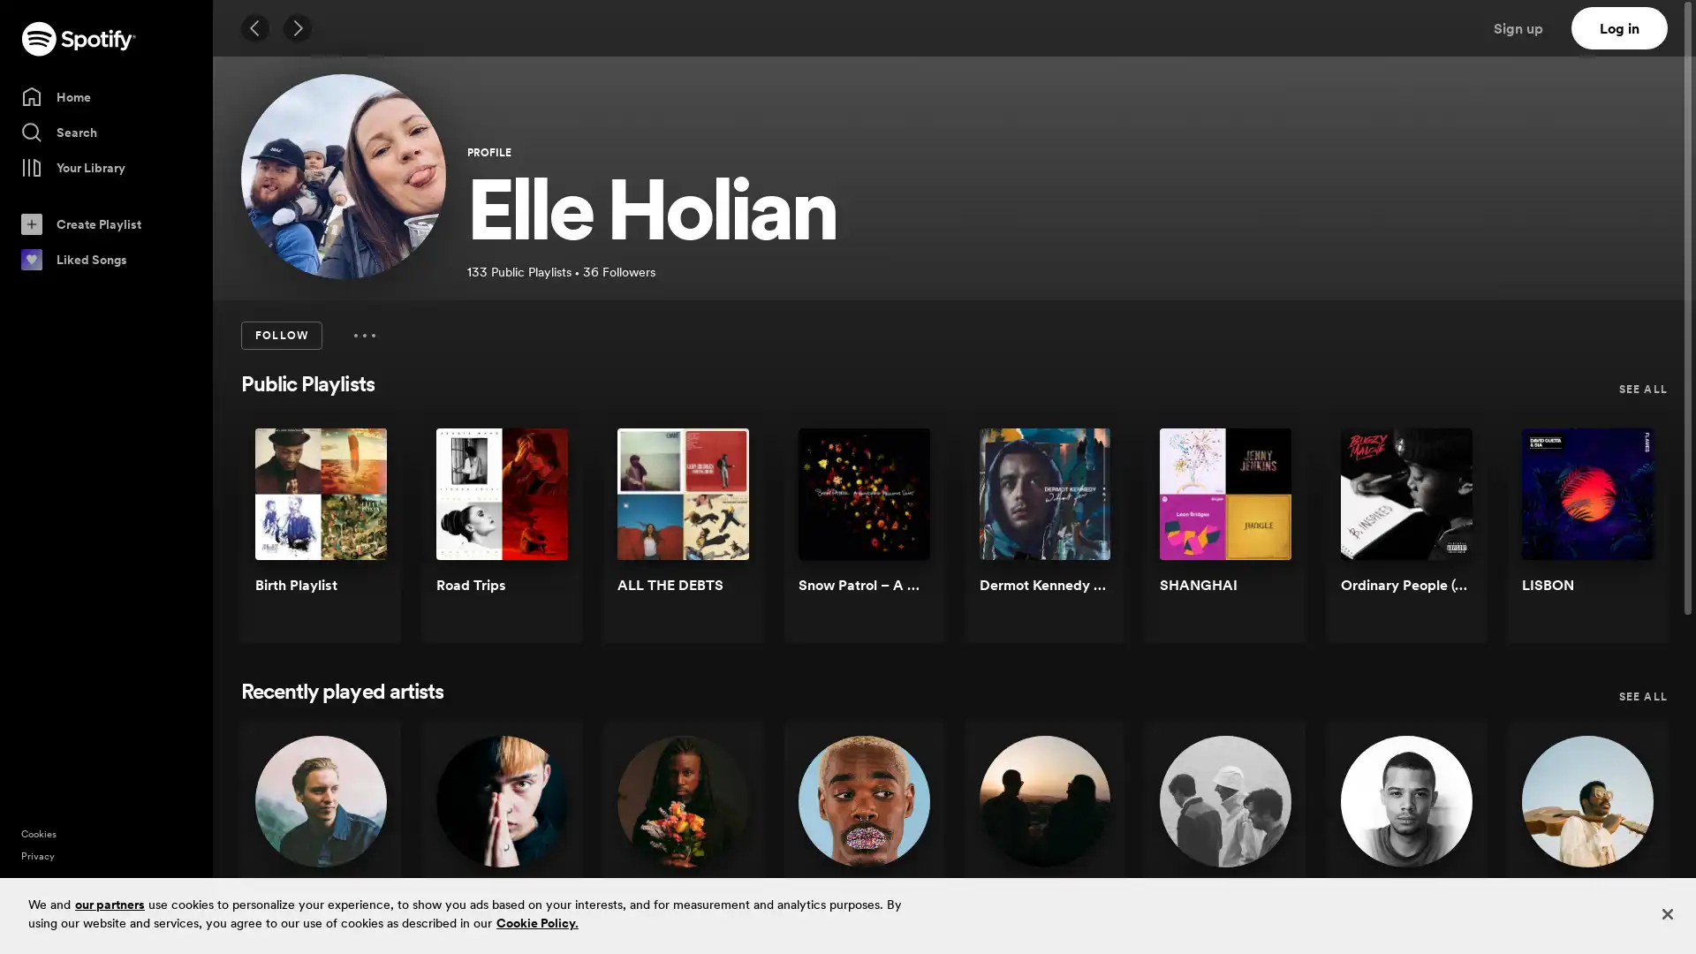 Image resolution: width=1696 pixels, height=954 pixels. I want to click on FOLLOW, so click(280, 336).